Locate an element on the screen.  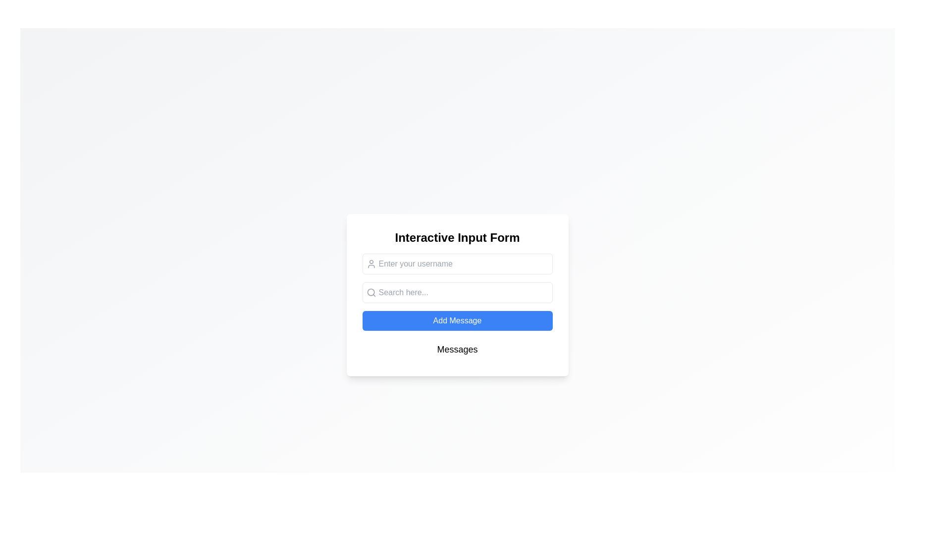
the icon indicating the username input field, located at the leftmost side adjacent to the placeholder text 'Enter your username' is located at coordinates (370, 263).